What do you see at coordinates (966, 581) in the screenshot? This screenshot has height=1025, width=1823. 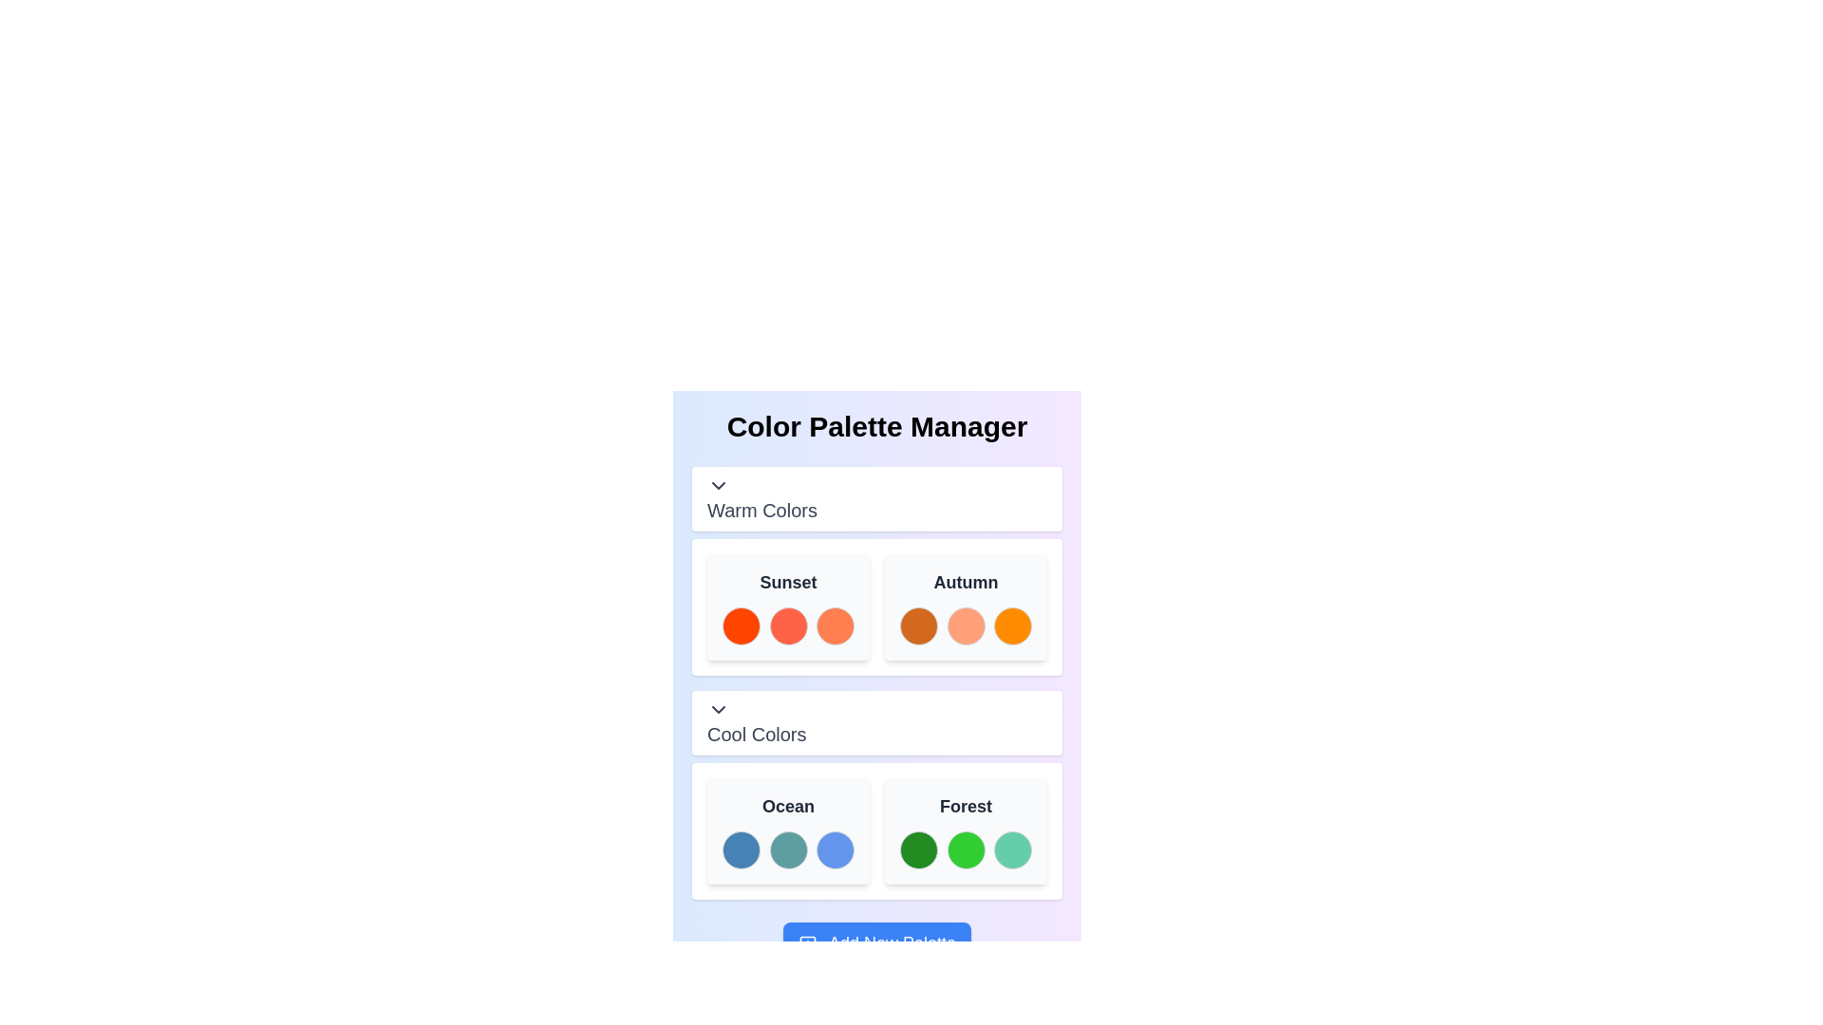 I see `bold text label displaying 'Autumn' located at the top-right corner of the 'Warm Colors' section` at bounding box center [966, 581].